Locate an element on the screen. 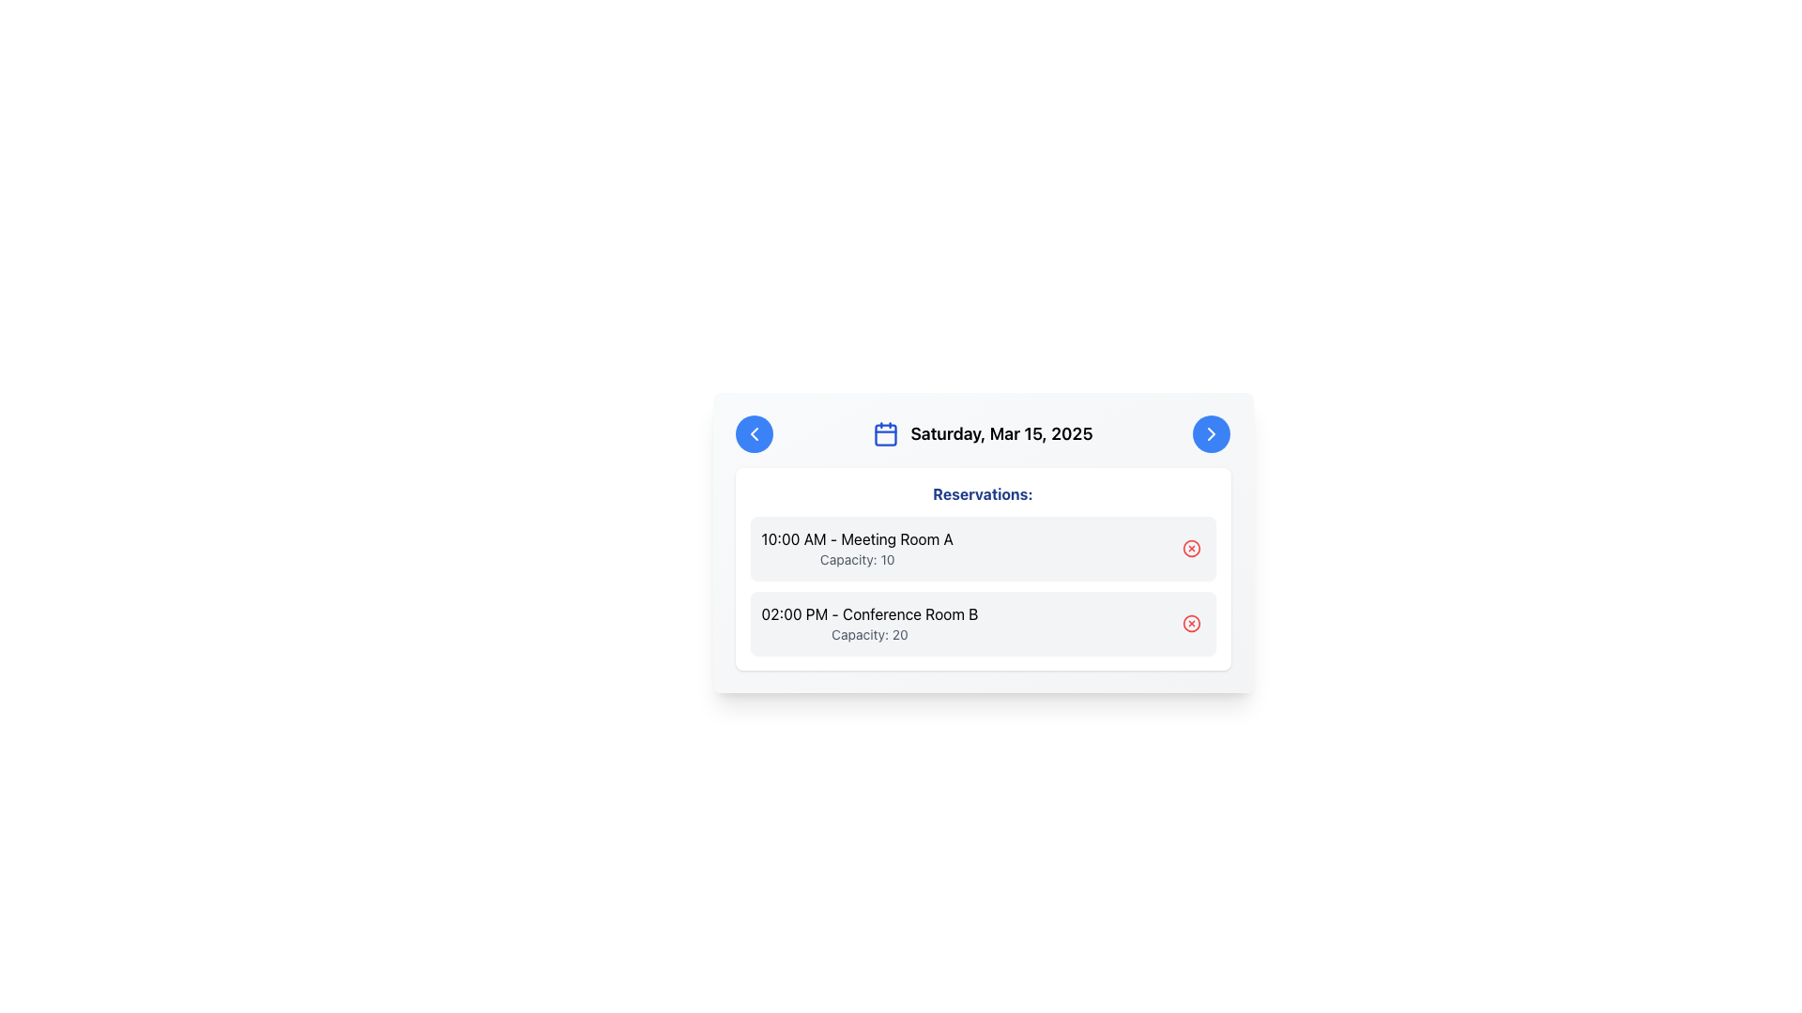  the second reservation block displaying scheduling details for a reservation, located below the '10:00 AM - Meeting Room A' block is located at coordinates (868, 623).